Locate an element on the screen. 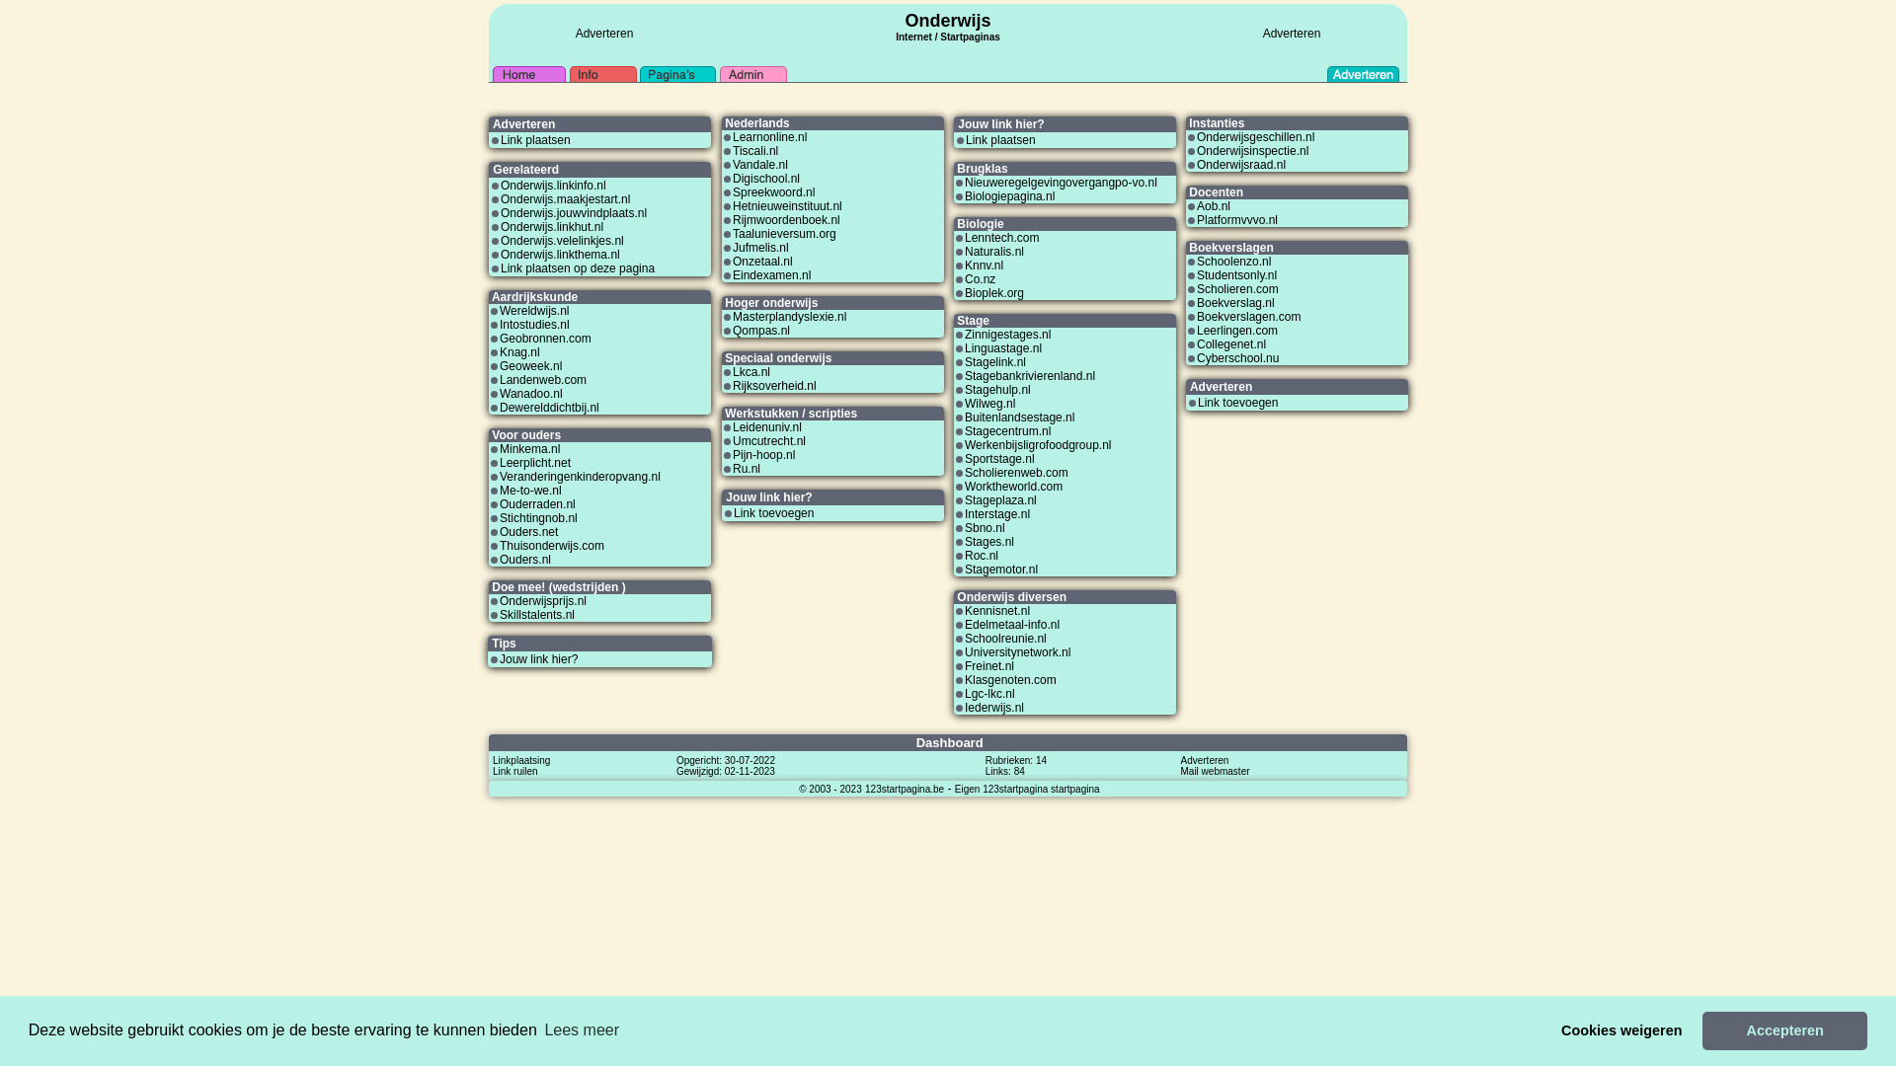  'Taalunieversum.org' is located at coordinates (783, 232).